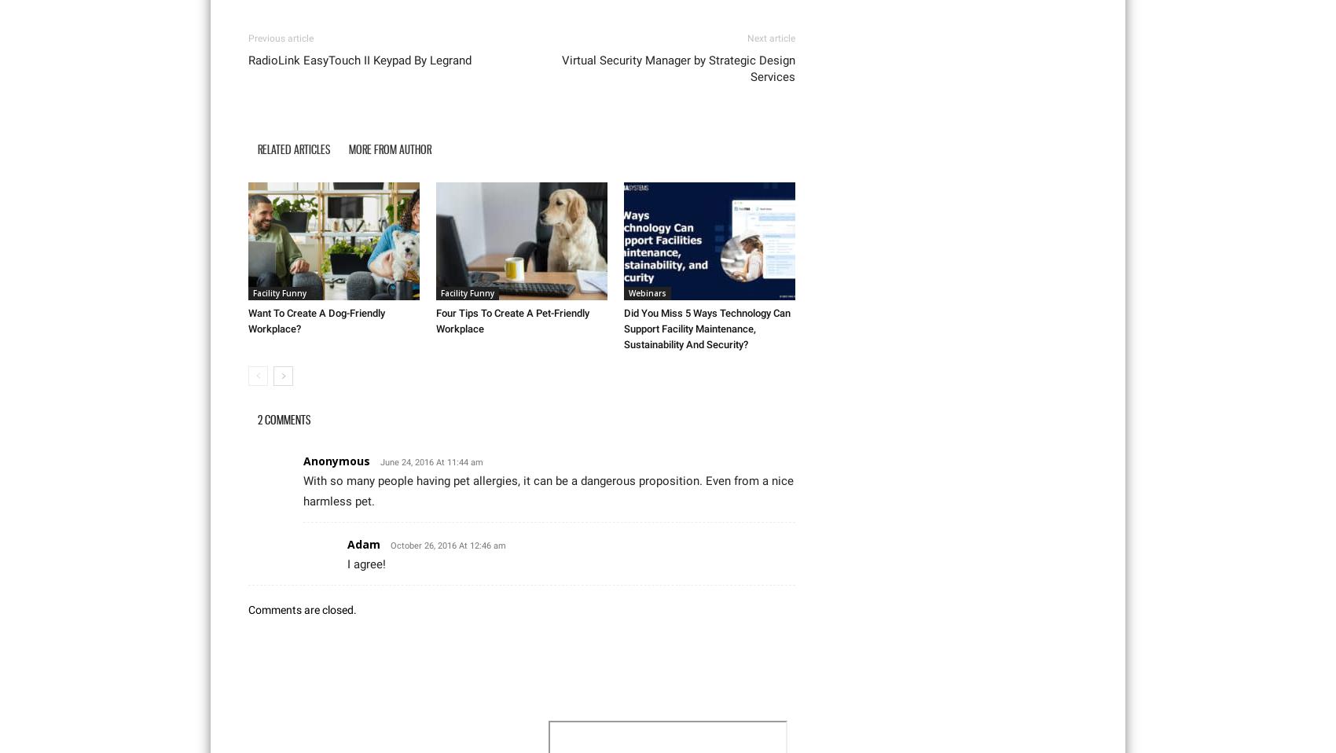 The height and width of the screenshot is (753, 1336). Describe the element at coordinates (336, 460) in the screenshot. I see `'Anonymous'` at that location.